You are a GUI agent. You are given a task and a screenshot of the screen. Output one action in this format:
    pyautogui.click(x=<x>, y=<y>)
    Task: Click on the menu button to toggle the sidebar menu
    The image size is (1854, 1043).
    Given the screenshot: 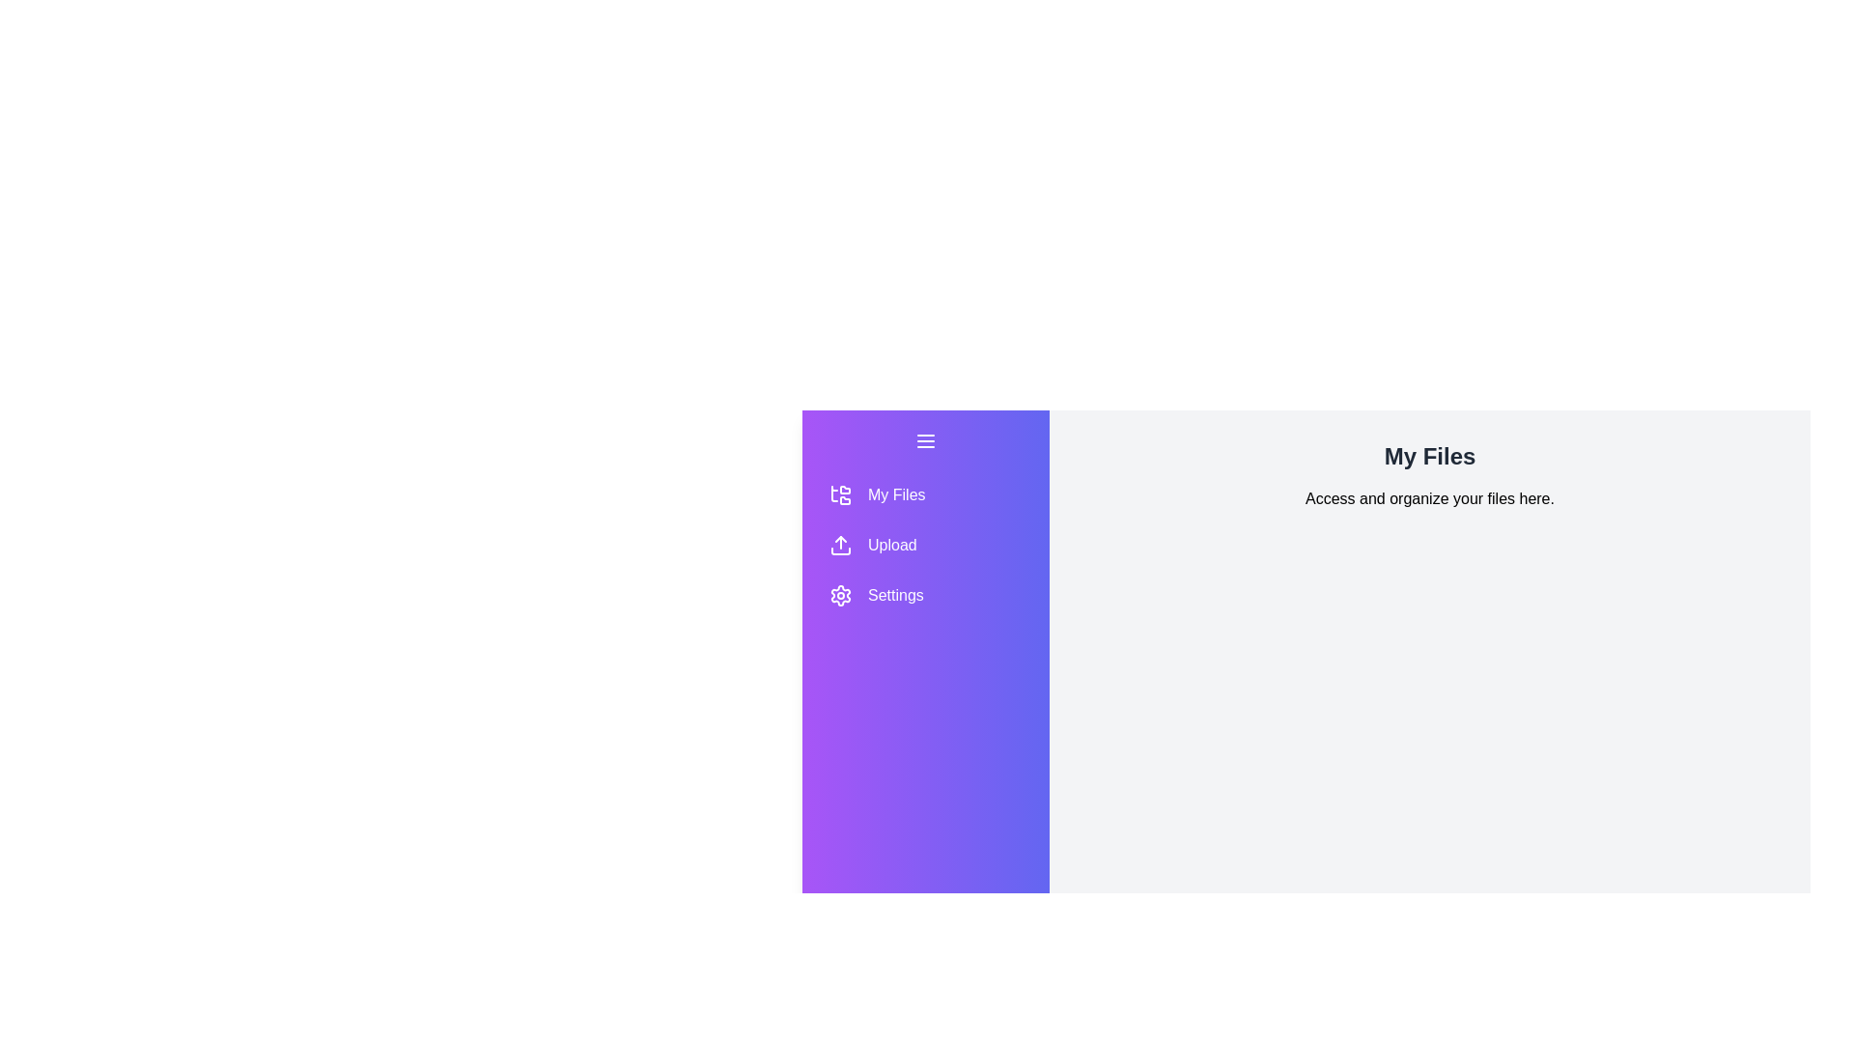 What is the action you would take?
    pyautogui.click(x=925, y=440)
    